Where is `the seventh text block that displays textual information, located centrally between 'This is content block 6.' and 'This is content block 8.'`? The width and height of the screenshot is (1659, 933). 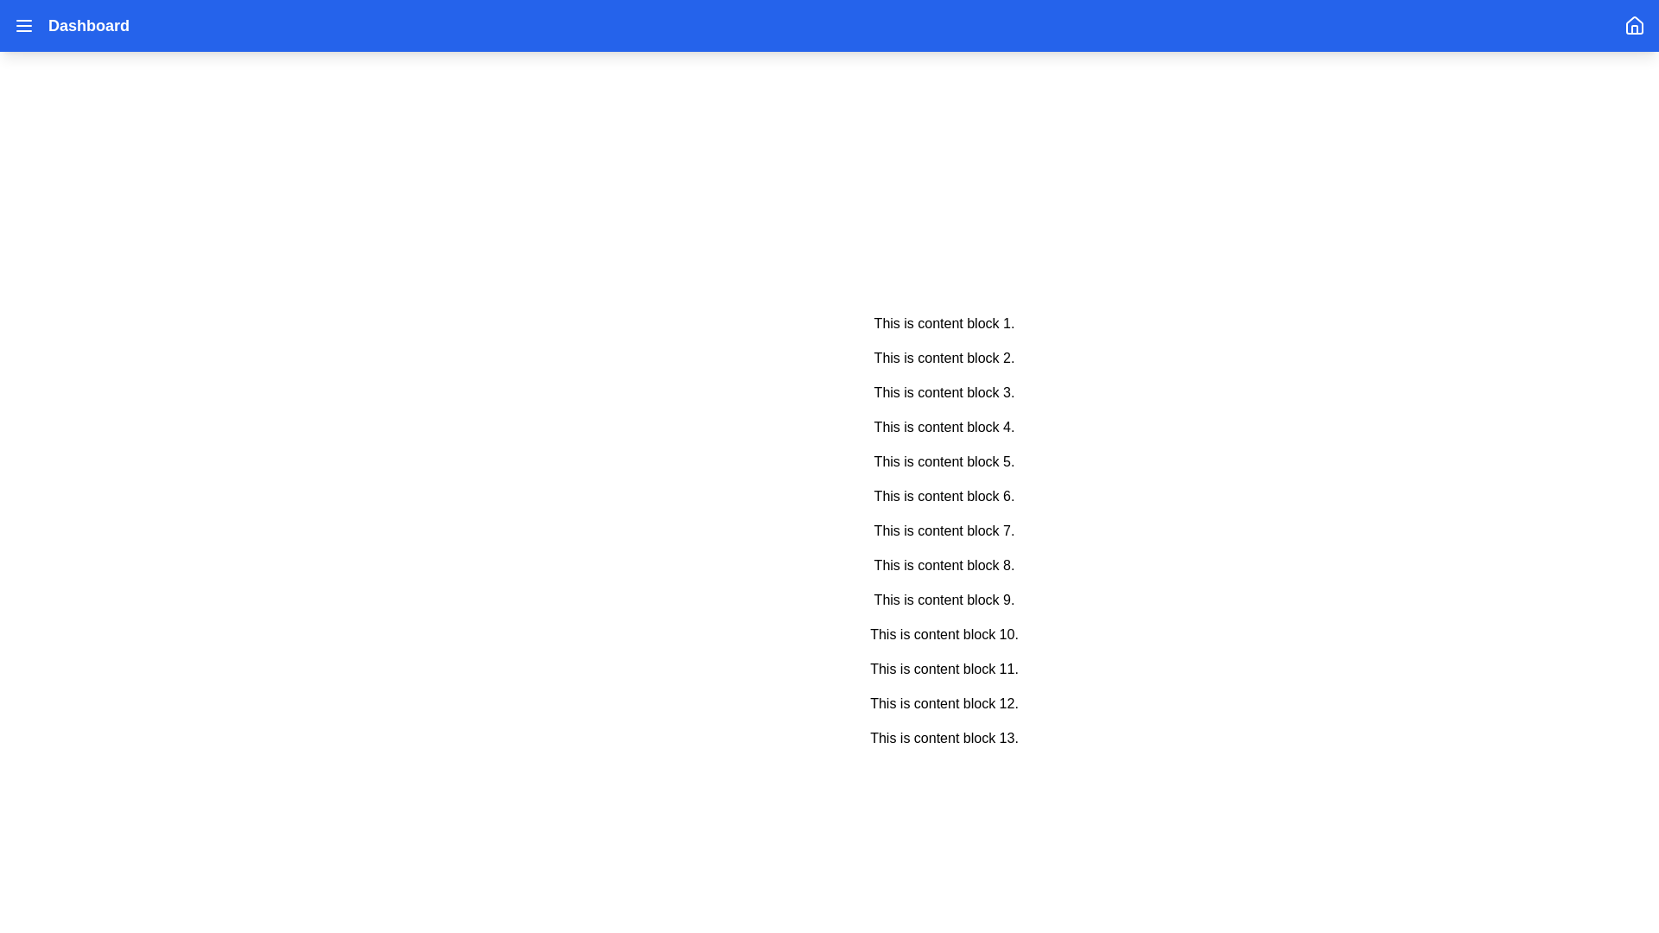 the seventh text block that displays textual information, located centrally between 'This is content block 6.' and 'This is content block 8.' is located at coordinates (944, 530).